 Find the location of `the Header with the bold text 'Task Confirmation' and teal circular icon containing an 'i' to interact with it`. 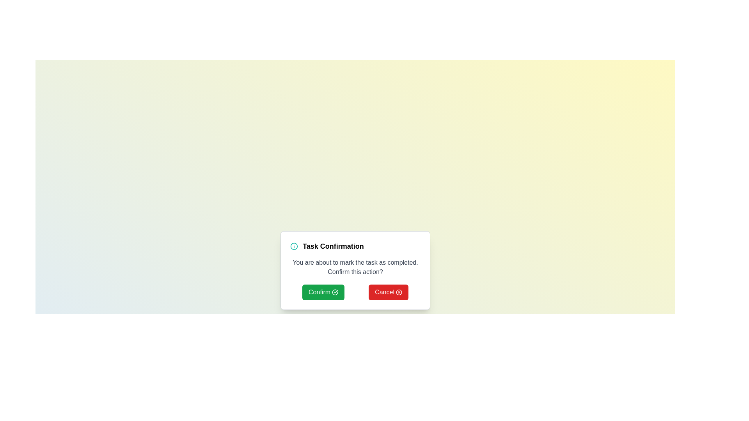

the Header with the bold text 'Task Confirmation' and teal circular icon containing an 'i' to interact with it is located at coordinates (355, 246).